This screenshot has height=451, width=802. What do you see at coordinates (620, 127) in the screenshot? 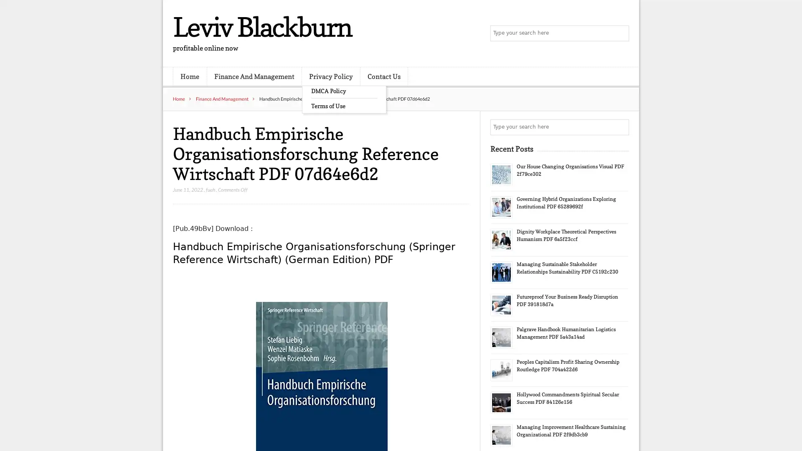
I see `Search` at bounding box center [620, 127].